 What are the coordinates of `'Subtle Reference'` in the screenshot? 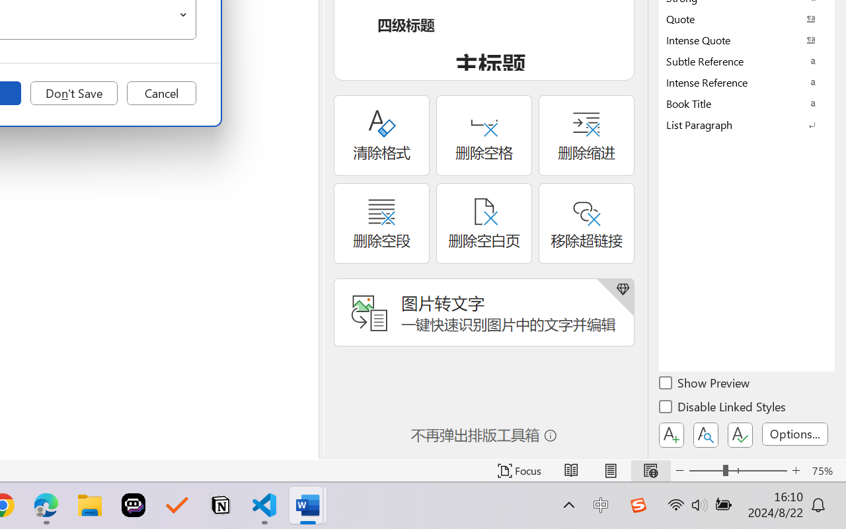 It's located at (747, 61).